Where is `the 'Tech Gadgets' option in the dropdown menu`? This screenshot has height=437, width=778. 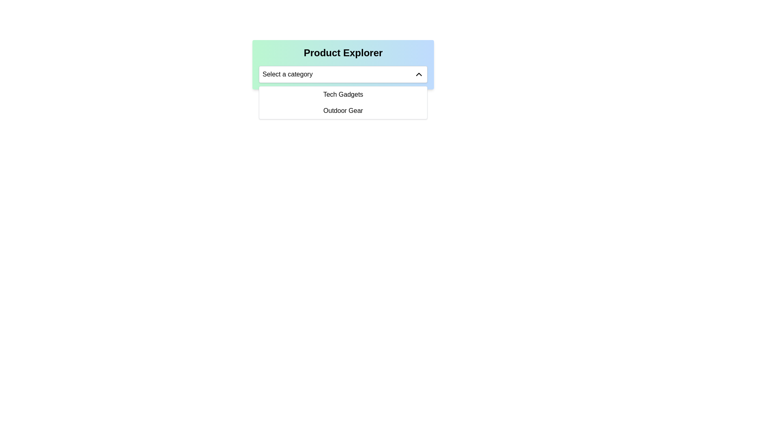 the 'Tech Gadgets' option in the dropdown menu is located at coordinates (343, 94).